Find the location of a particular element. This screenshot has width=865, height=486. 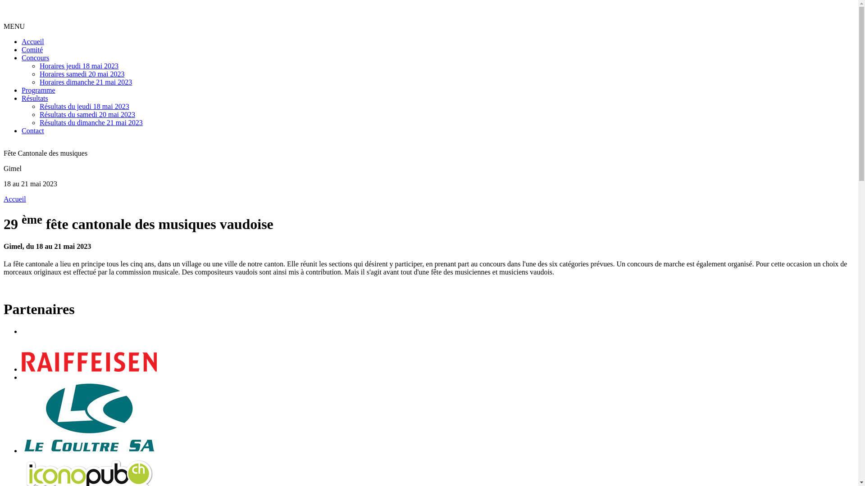

'Horaires samedi 20 mai 2023' is located at coordinates (82, 73).